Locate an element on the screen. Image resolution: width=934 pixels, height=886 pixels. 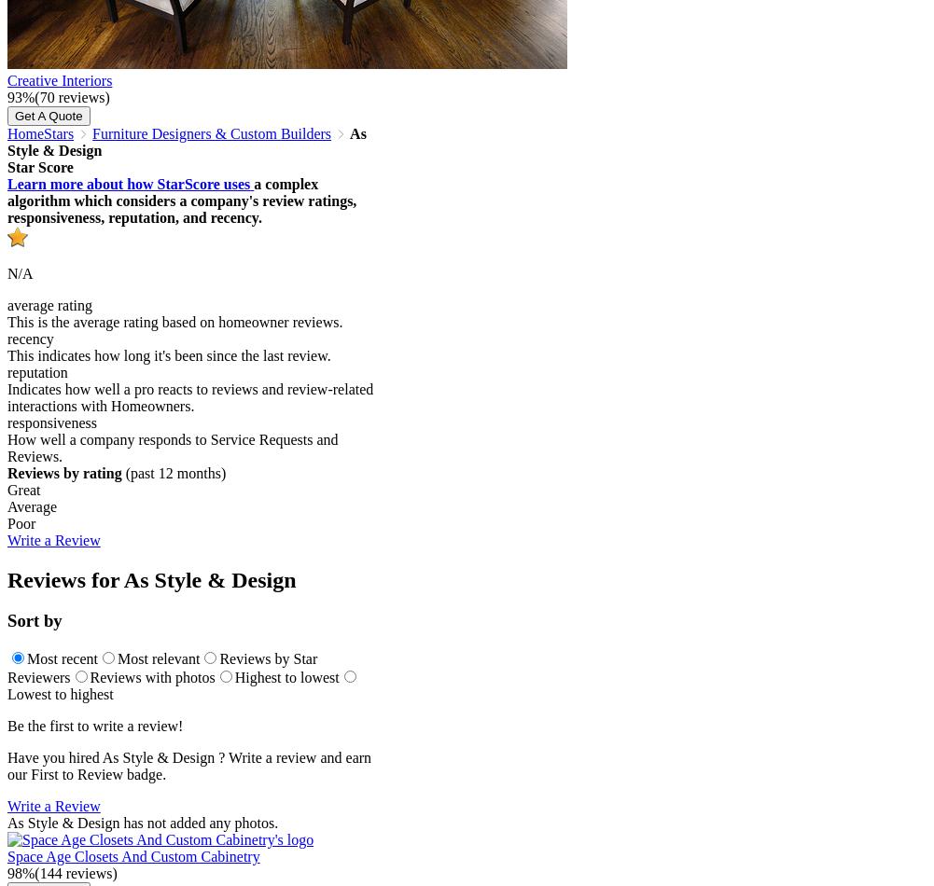
'144' is located at coordinates (49, 872).